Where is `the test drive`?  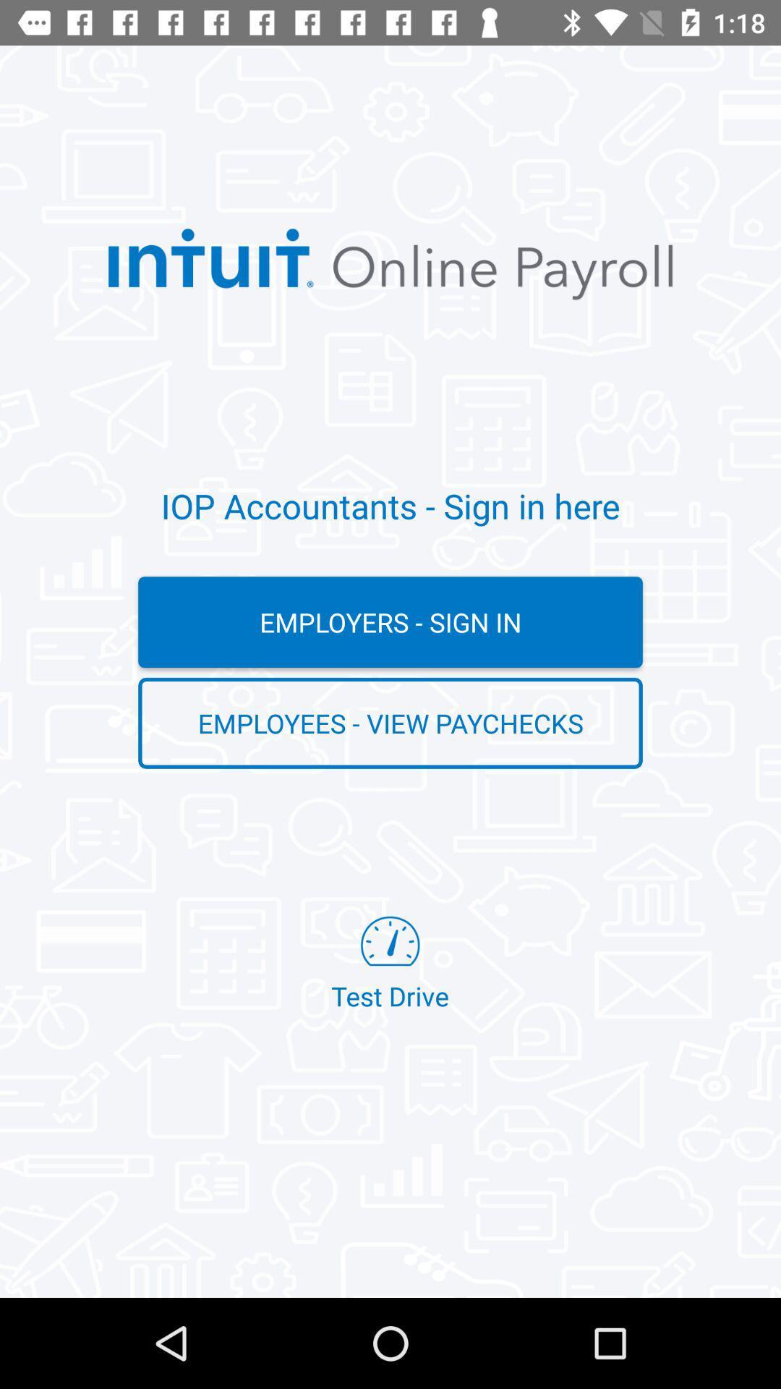 the test drive is located at coordinates (389, 964).